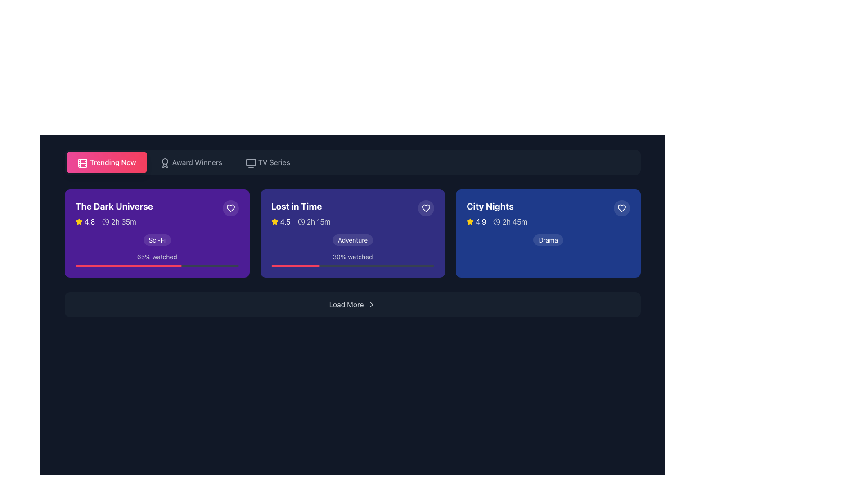 The image size is (864, 486). I want to click on the numerical rating displayed in the text indicator located in the middle section of the 'Lost in Time' card, positioned to the right of the yellow star icon and above the runtime information, so click(285, 222).